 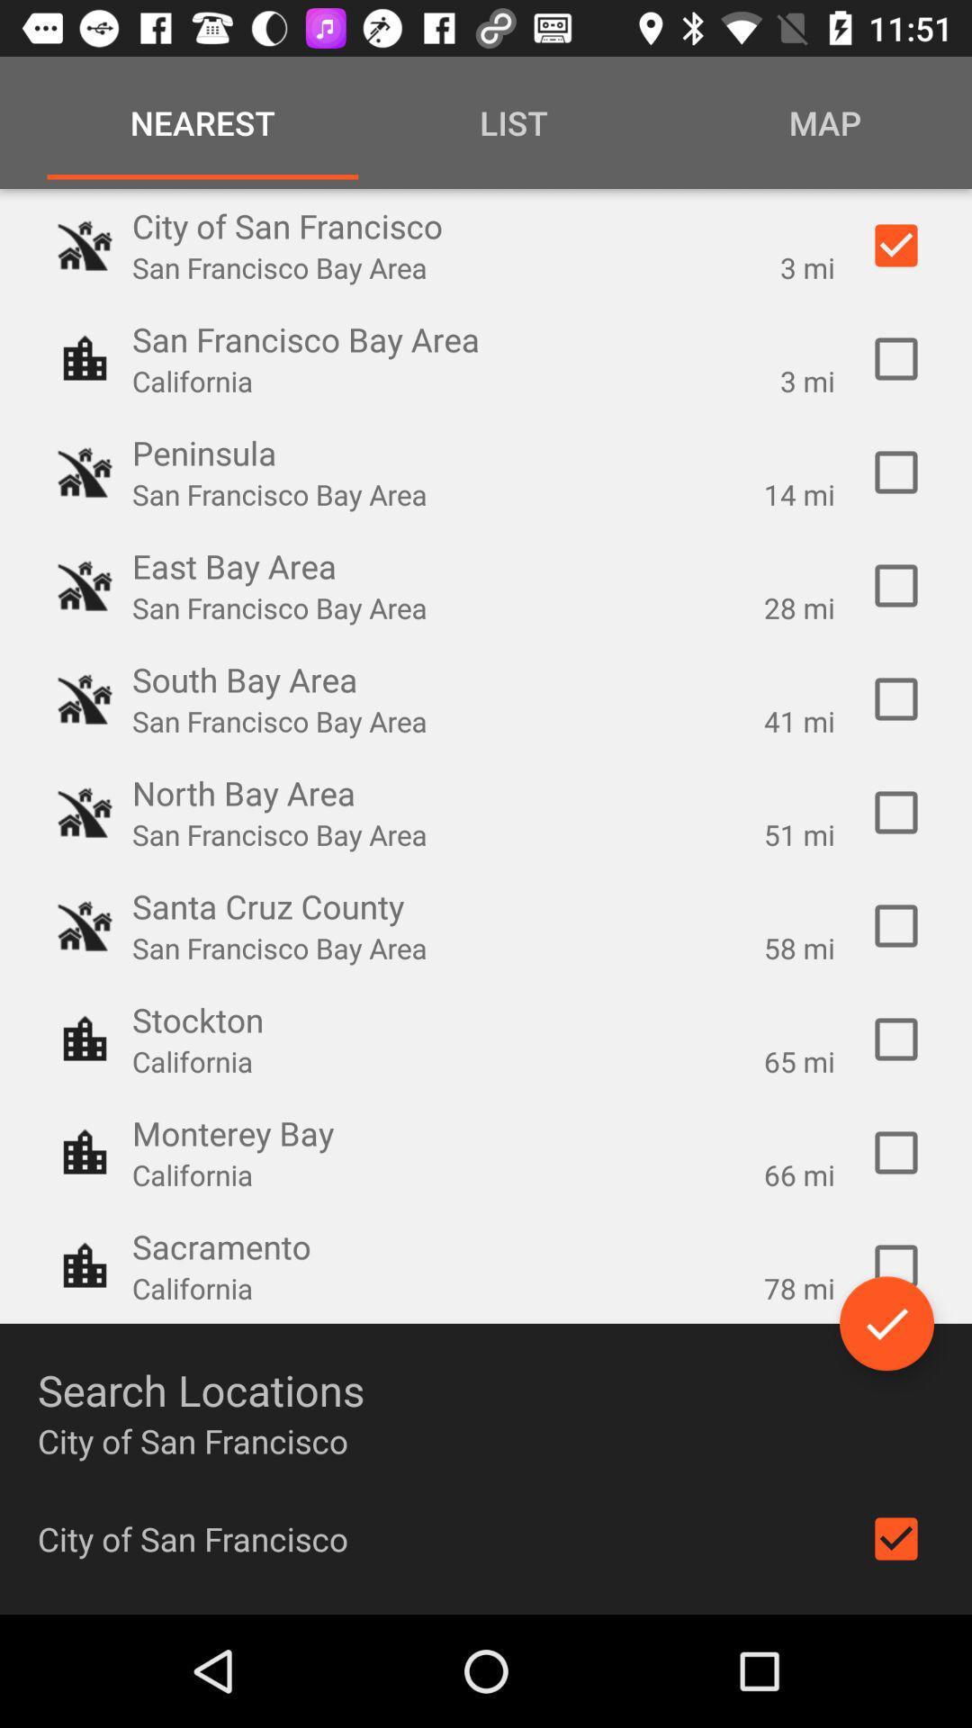 I want to click on the icon which is just beside the monterey bay, so click(x=85, y=1153).